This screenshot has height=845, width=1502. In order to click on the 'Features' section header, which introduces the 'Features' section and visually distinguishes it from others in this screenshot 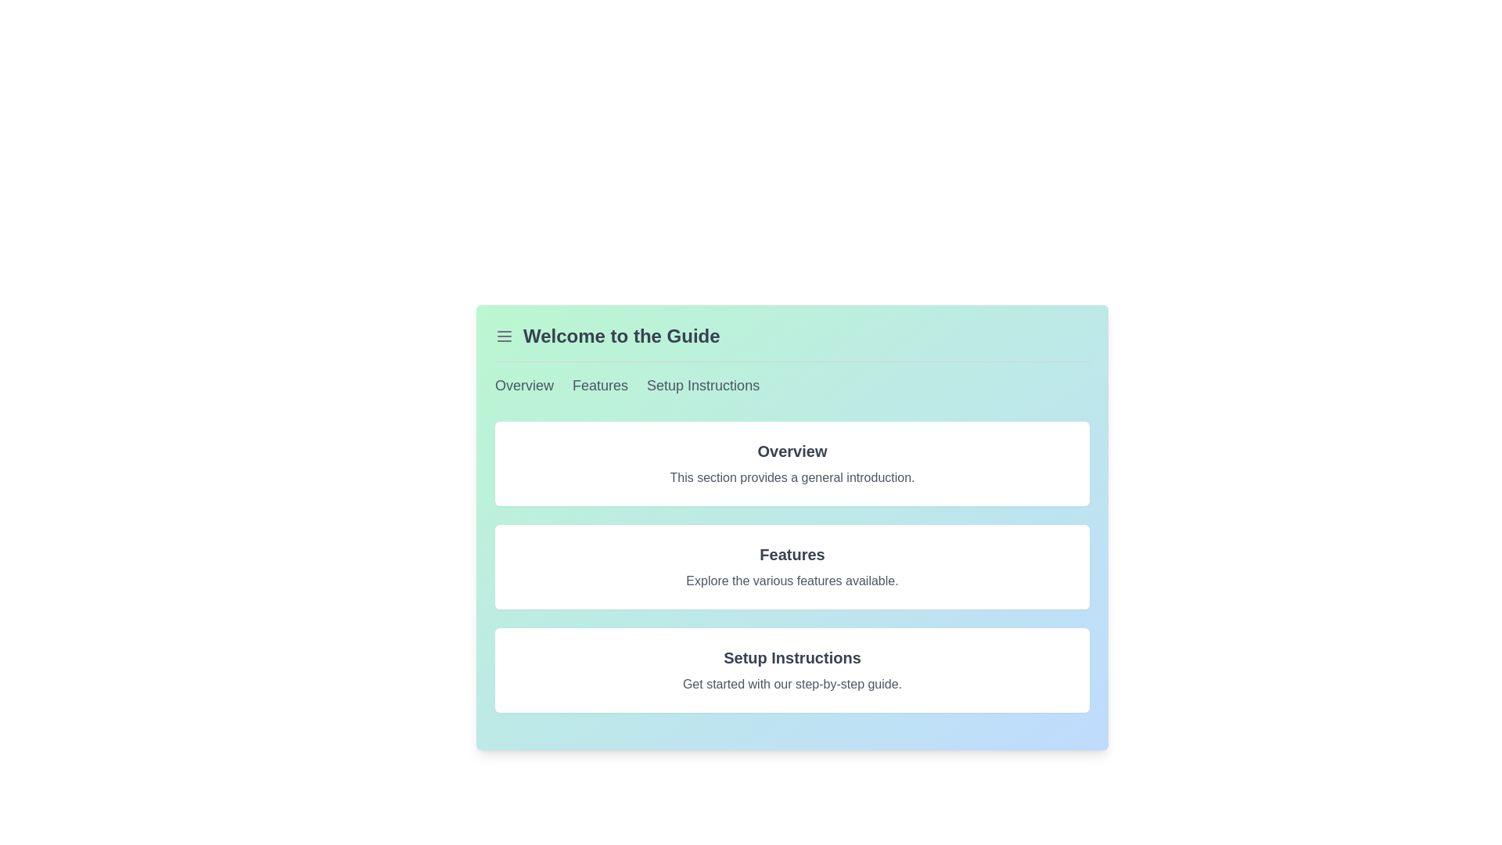, I will do `click(792, 554)`.